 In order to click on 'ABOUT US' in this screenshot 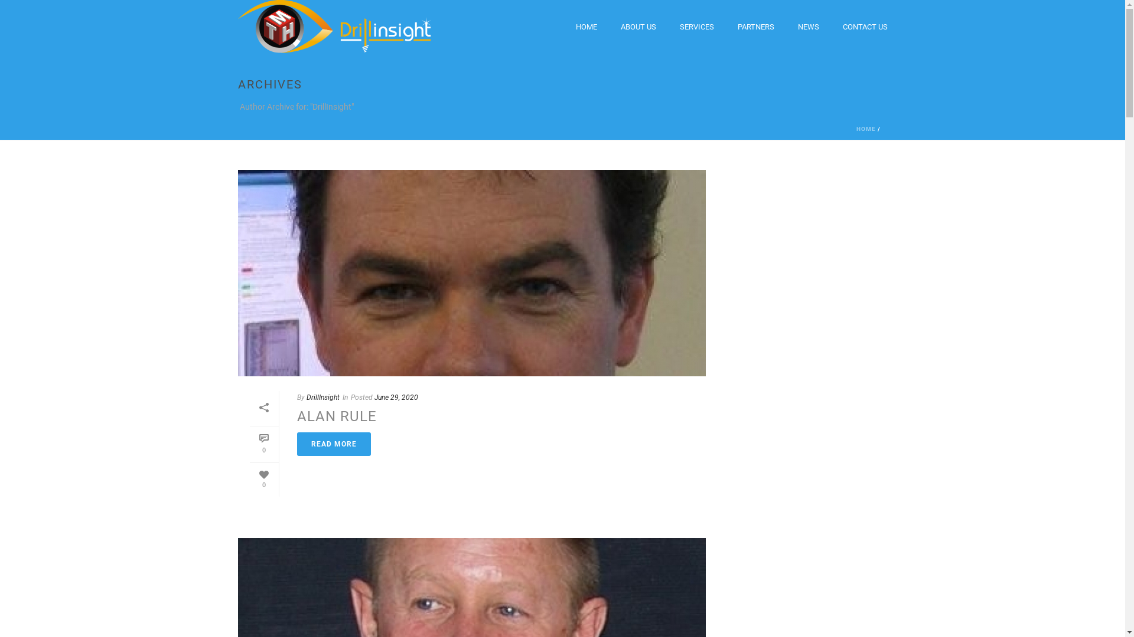, I will do `click(637, 27)`.